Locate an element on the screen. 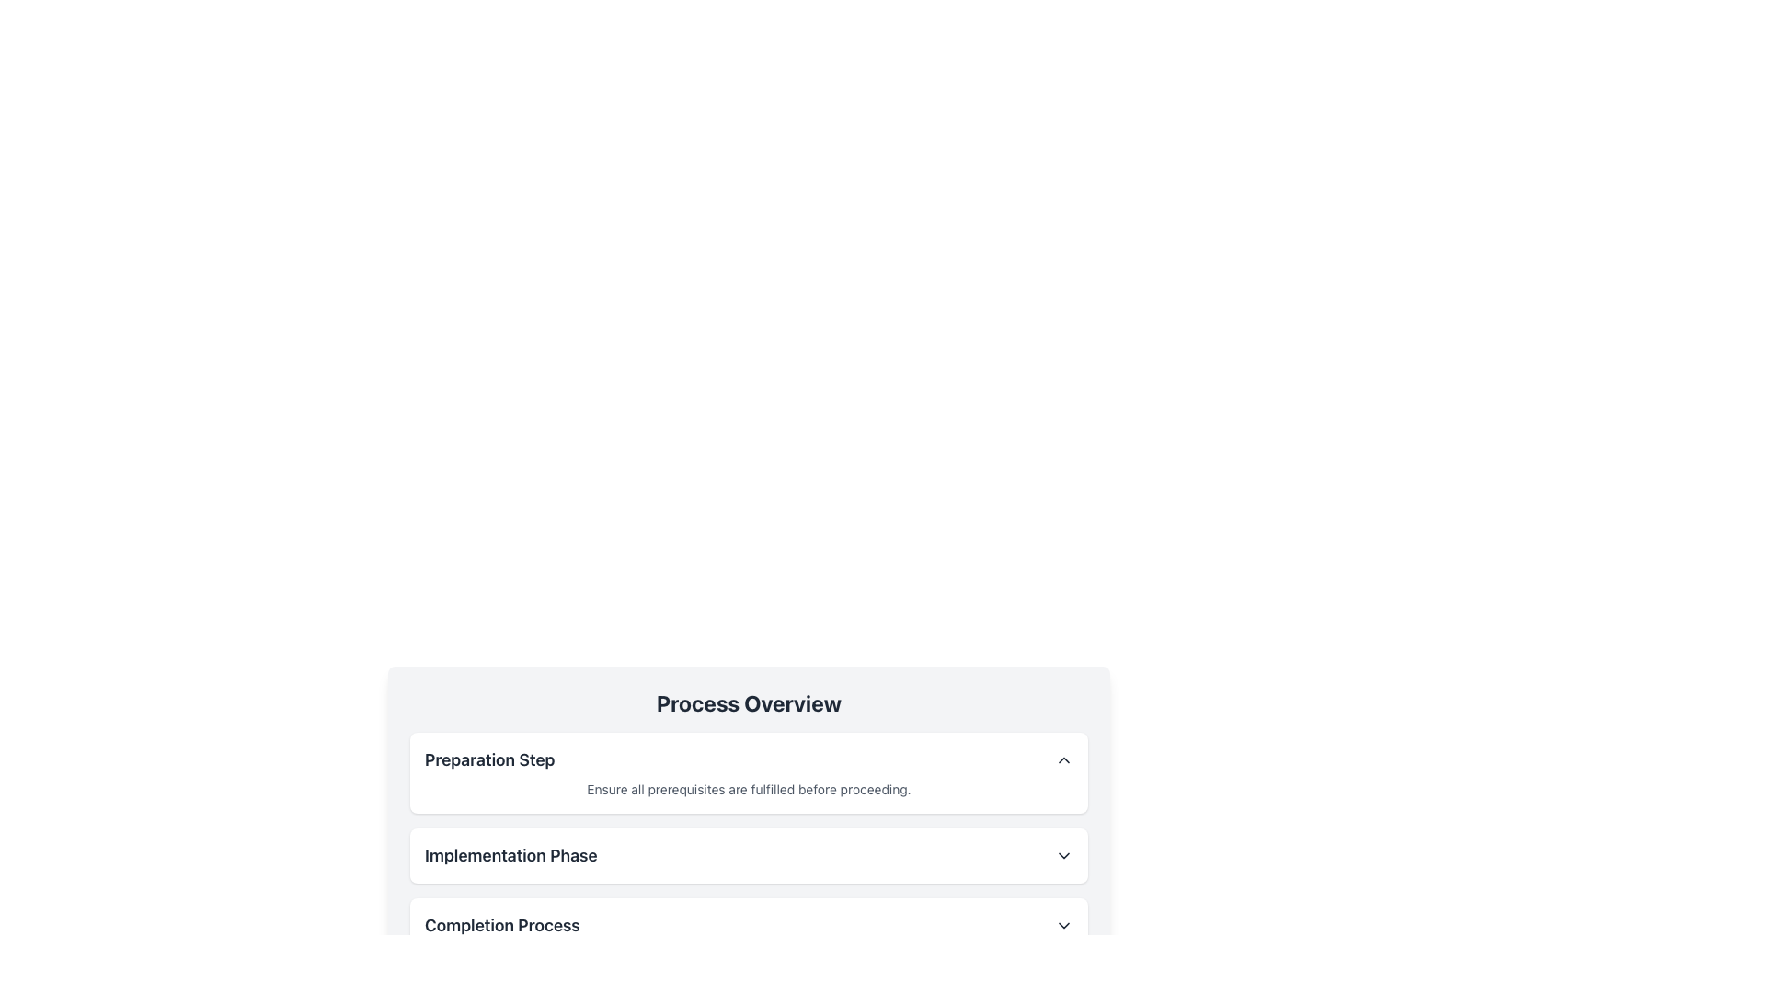 Image resolution: width=1766 pixels, height=993 pixels. the static text label for the 'Implementation Phase' section, which is part of an accordion-style menu layout and is positioned between 'Preparation Step' and 'Completion Process' is located at coordinates (510, 855).